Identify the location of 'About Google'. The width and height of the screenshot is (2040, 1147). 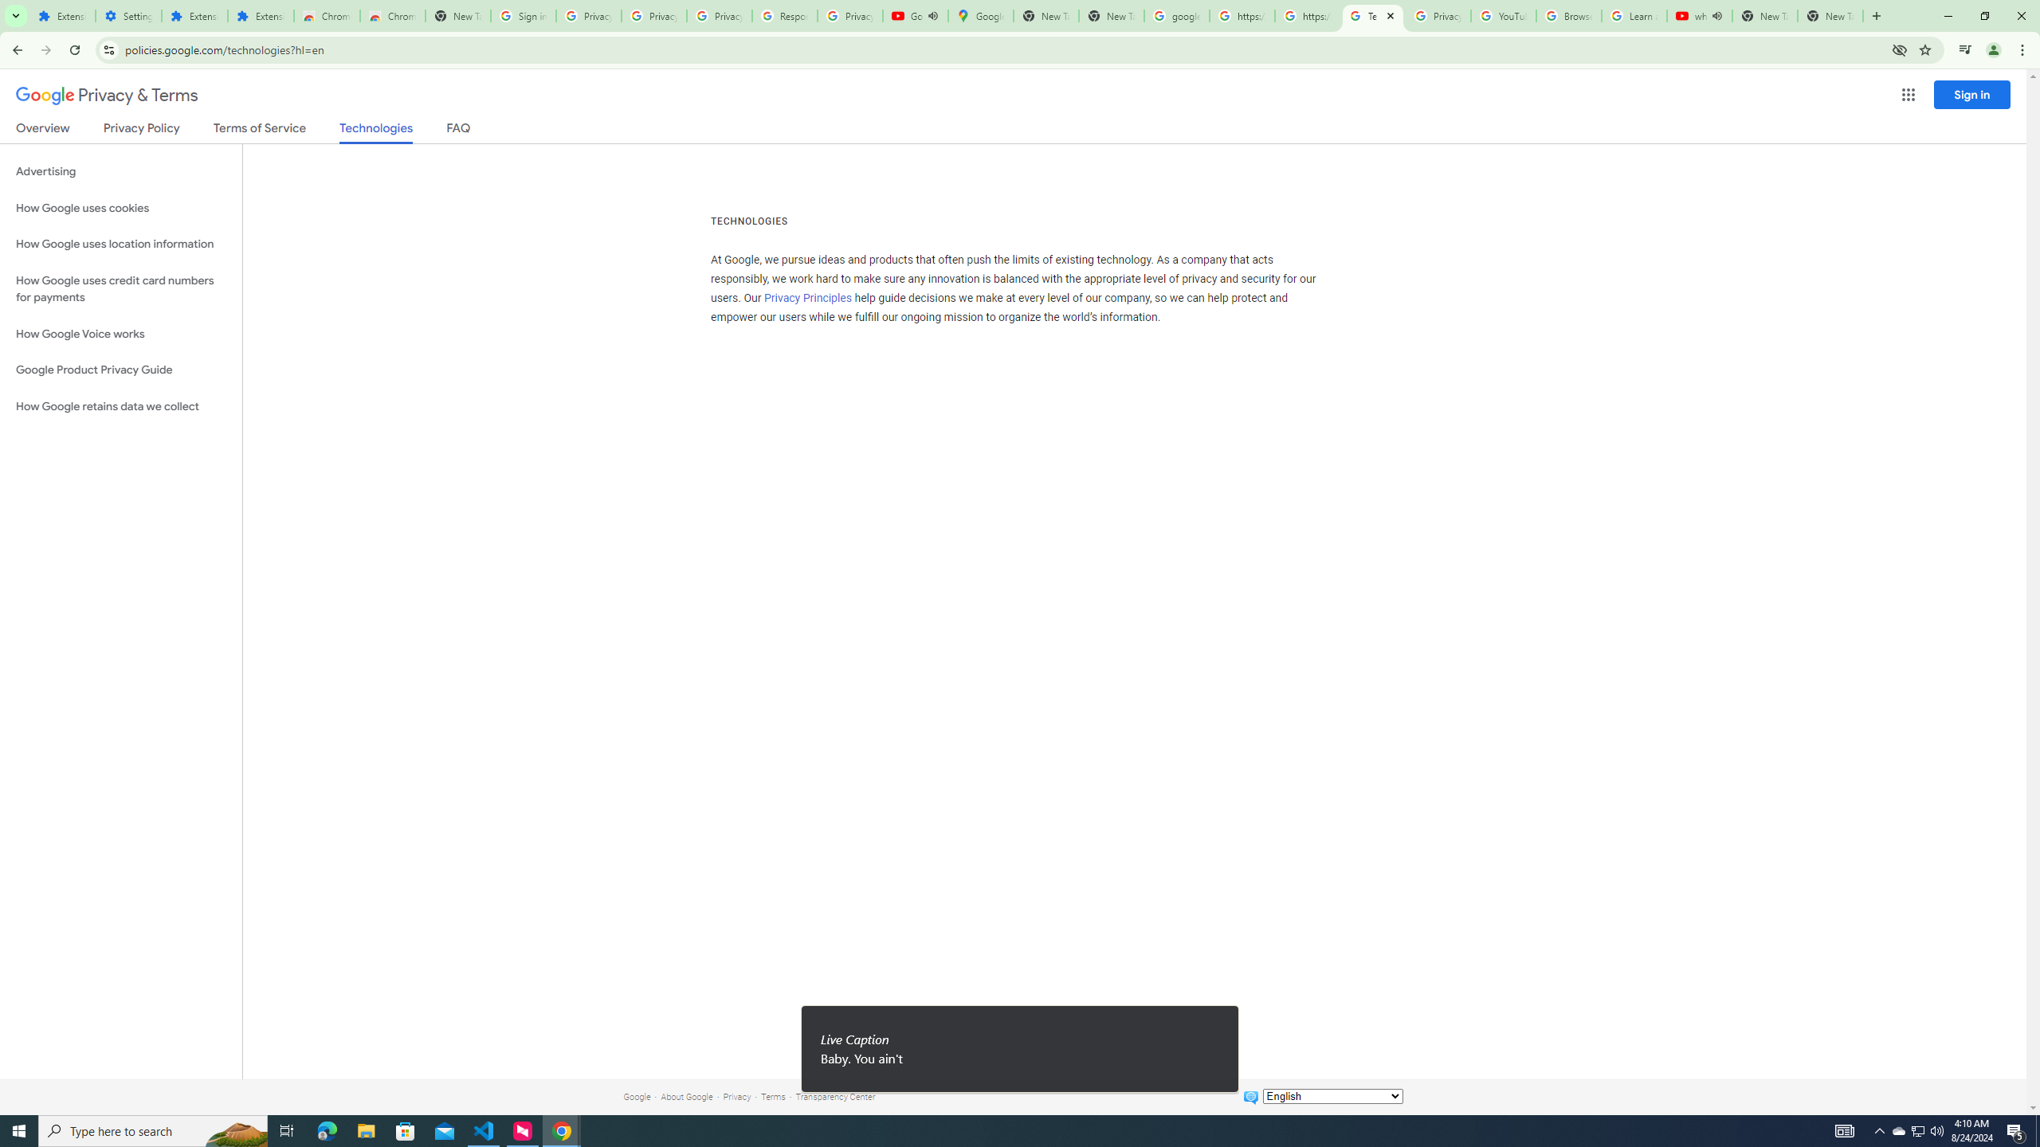
(686, 1096).